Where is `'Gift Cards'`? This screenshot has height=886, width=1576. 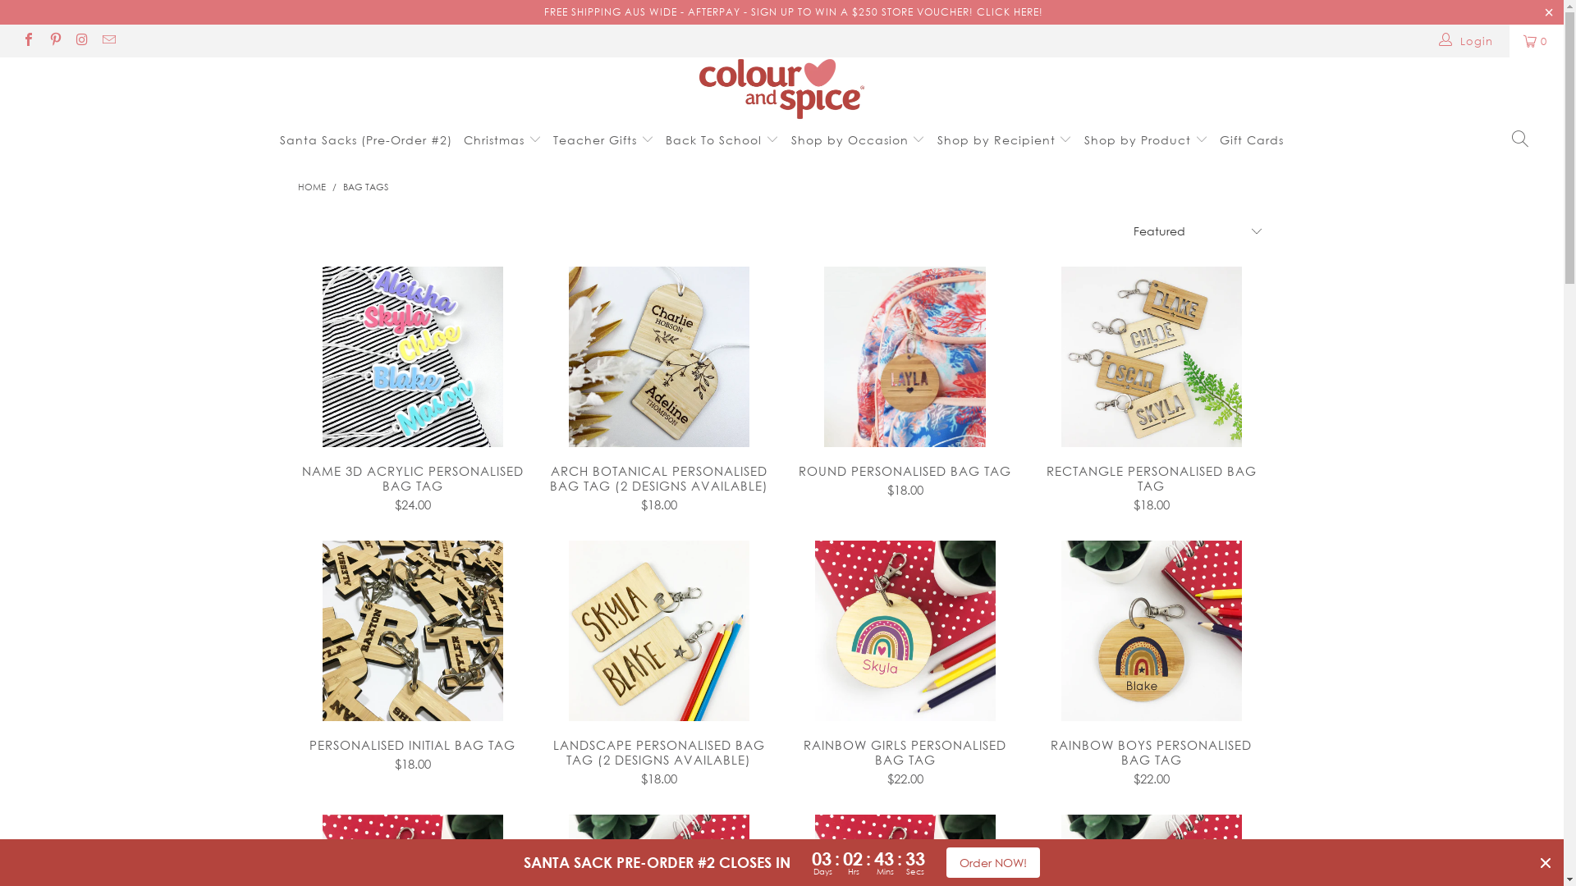 'Gift Cards' is located at coordinates (1251, 139).